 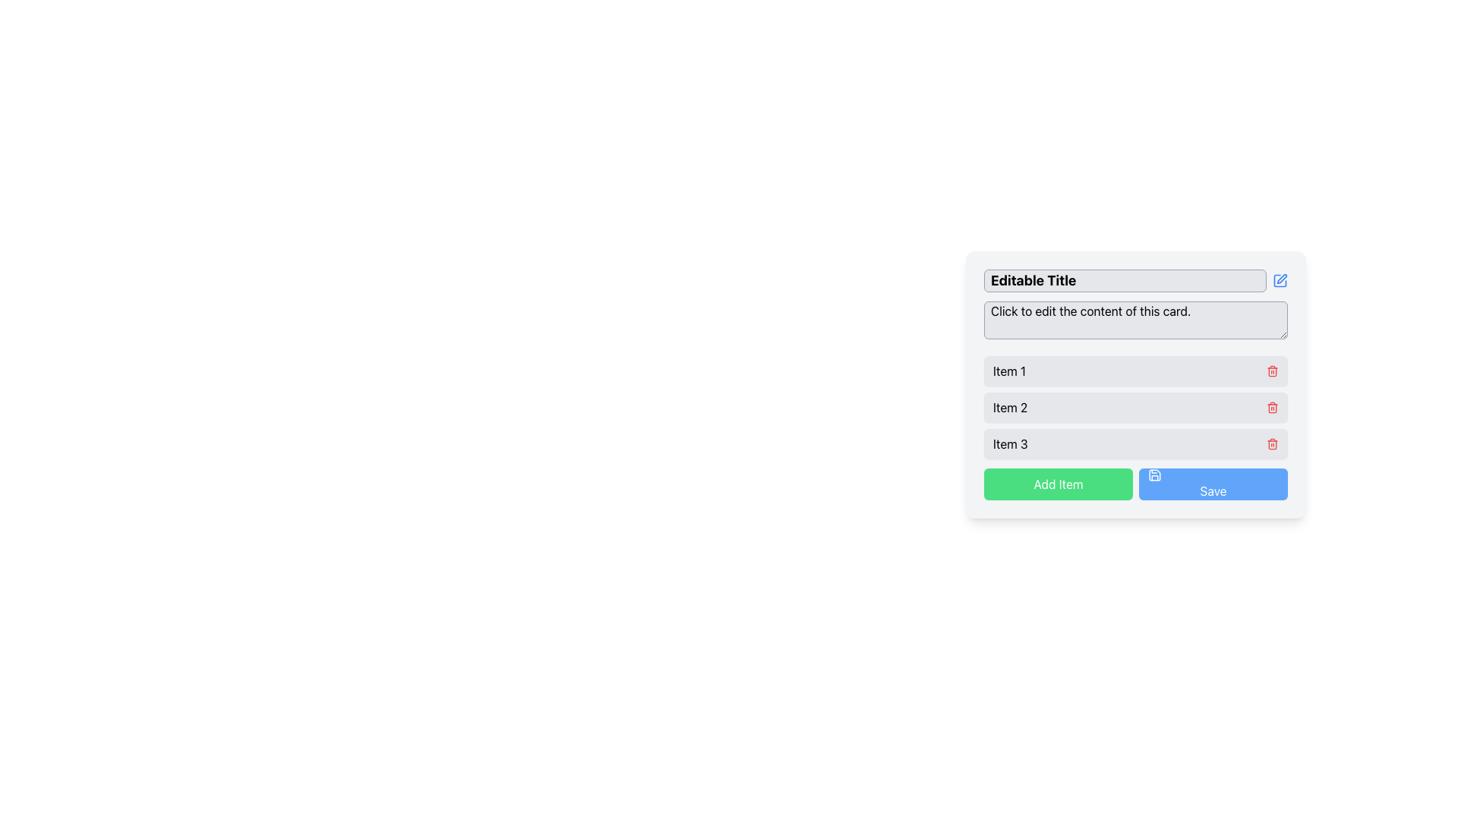 What do you see at coordinates (1154, 474) in the screenshot?
I see `the first segment of the 'save' SVG icon, which indicates the save functionality for users` at bounding box center [1154, 474].